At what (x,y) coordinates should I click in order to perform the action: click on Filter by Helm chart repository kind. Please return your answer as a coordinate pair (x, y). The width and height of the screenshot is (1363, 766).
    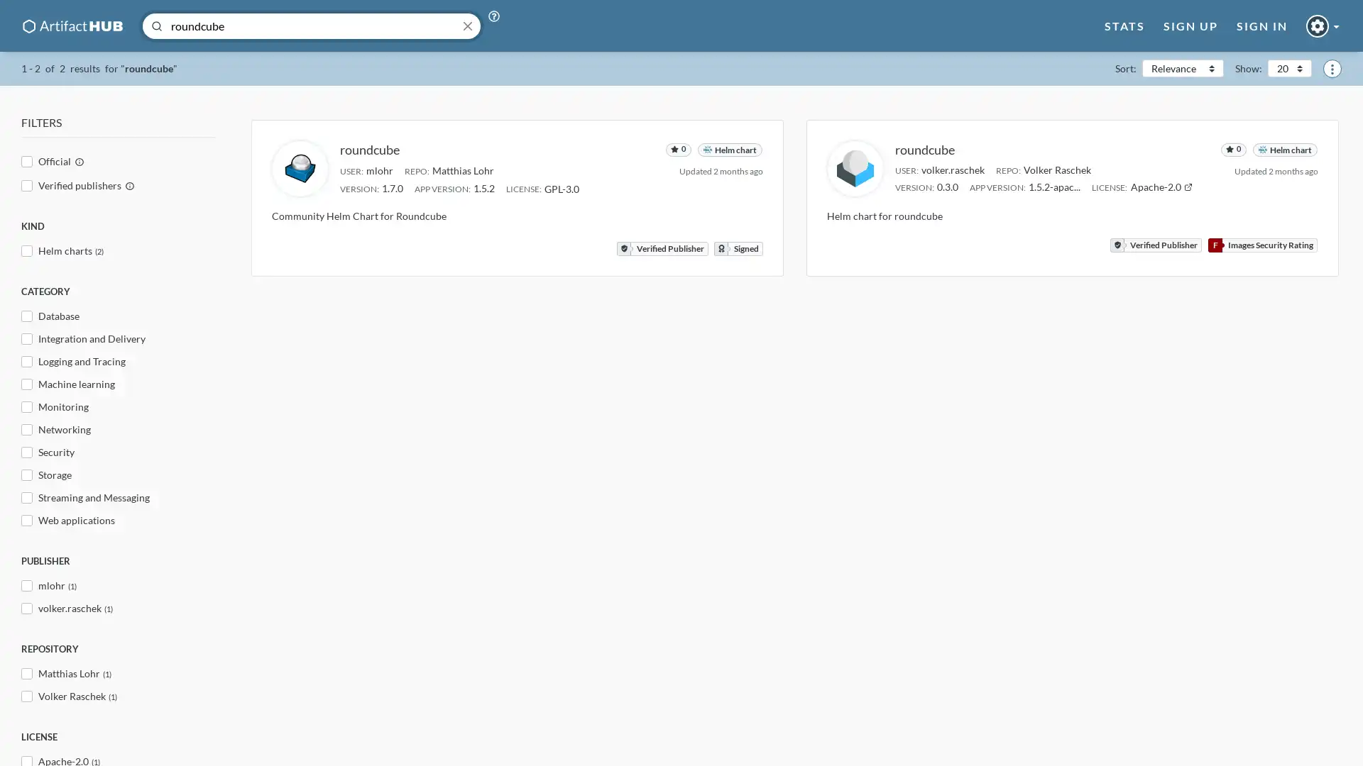
    Looking at the image, I should click on (729, 150).